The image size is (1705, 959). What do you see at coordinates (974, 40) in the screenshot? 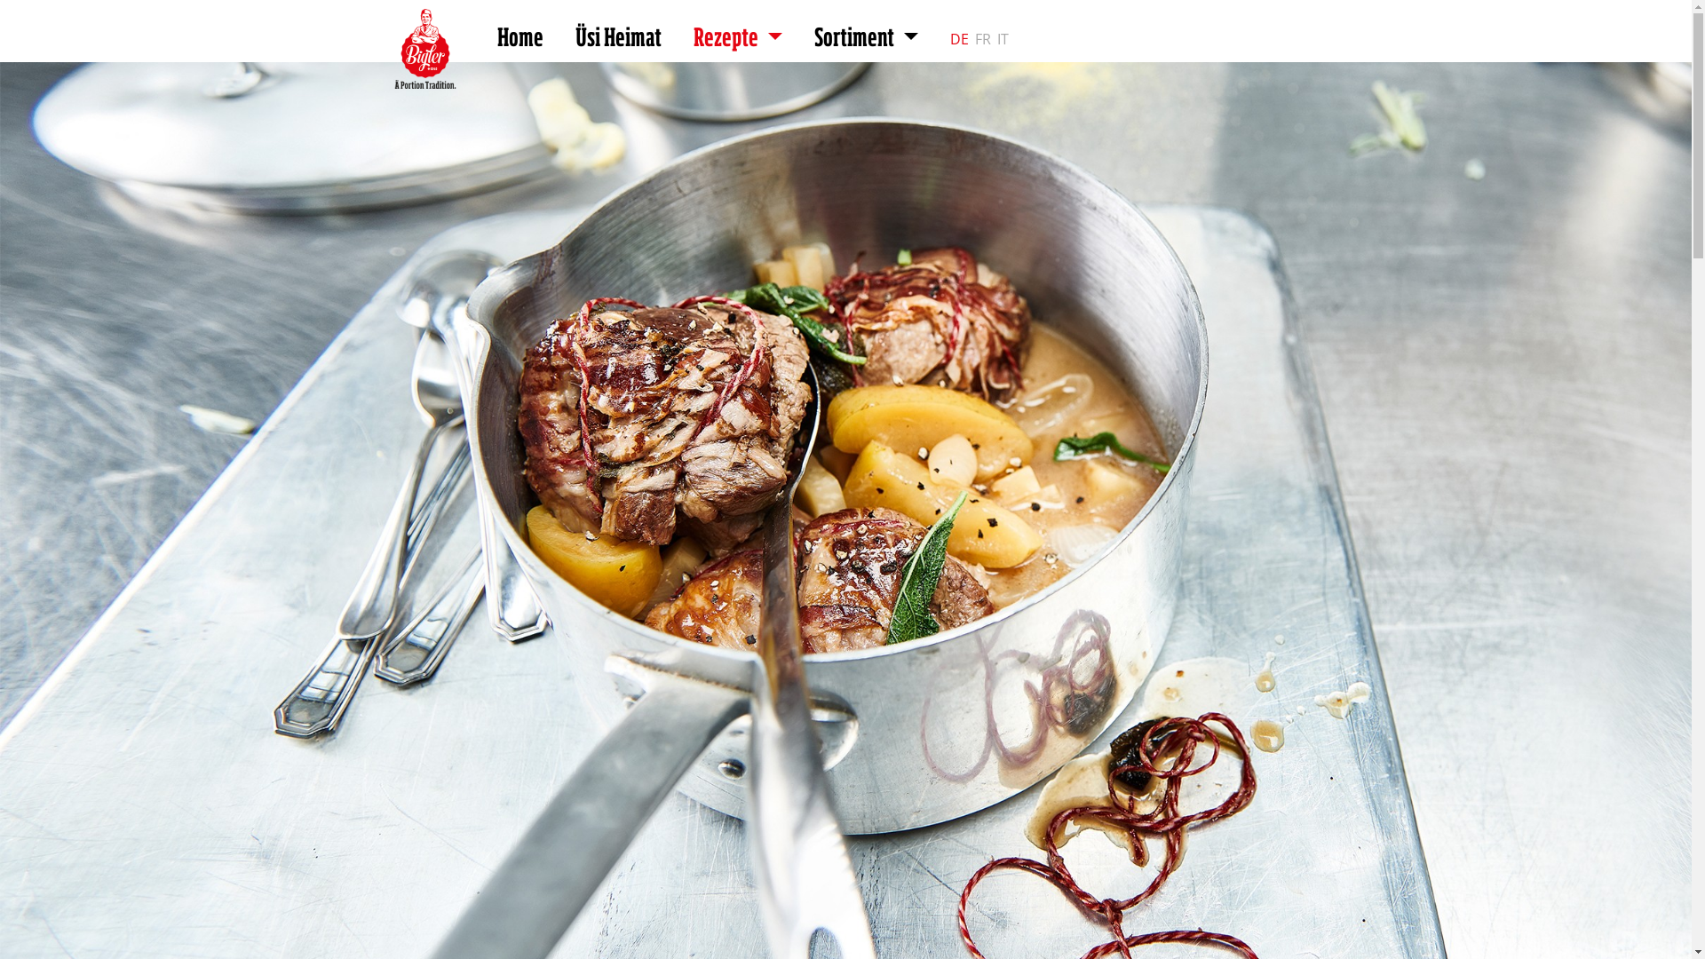
I see `'FR'` at bounding box center [974, 40].